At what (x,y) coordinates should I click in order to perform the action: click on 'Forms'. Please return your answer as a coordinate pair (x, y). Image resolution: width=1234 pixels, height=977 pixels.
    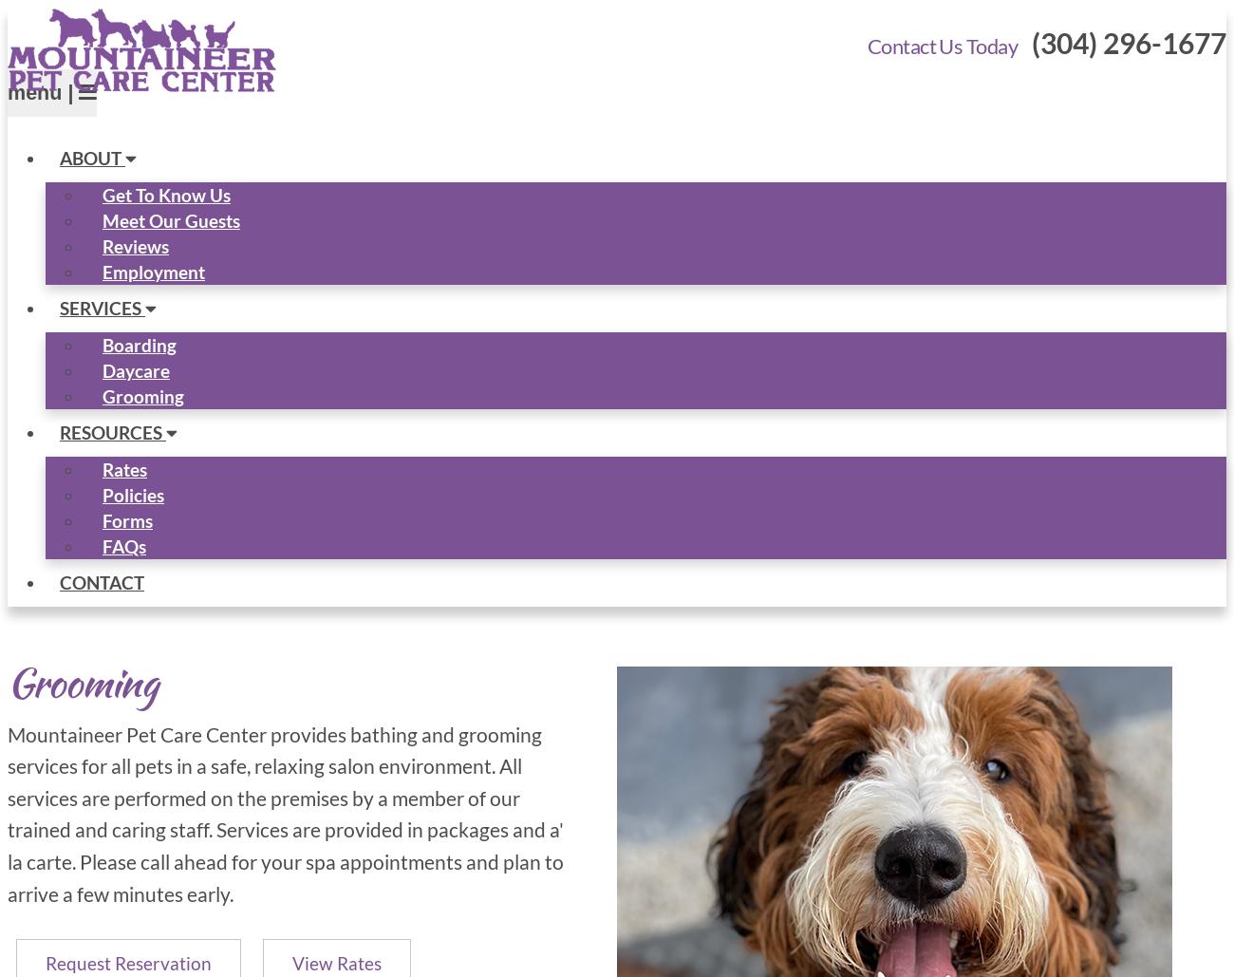
    Looking at the image, I should click on (126, 518).